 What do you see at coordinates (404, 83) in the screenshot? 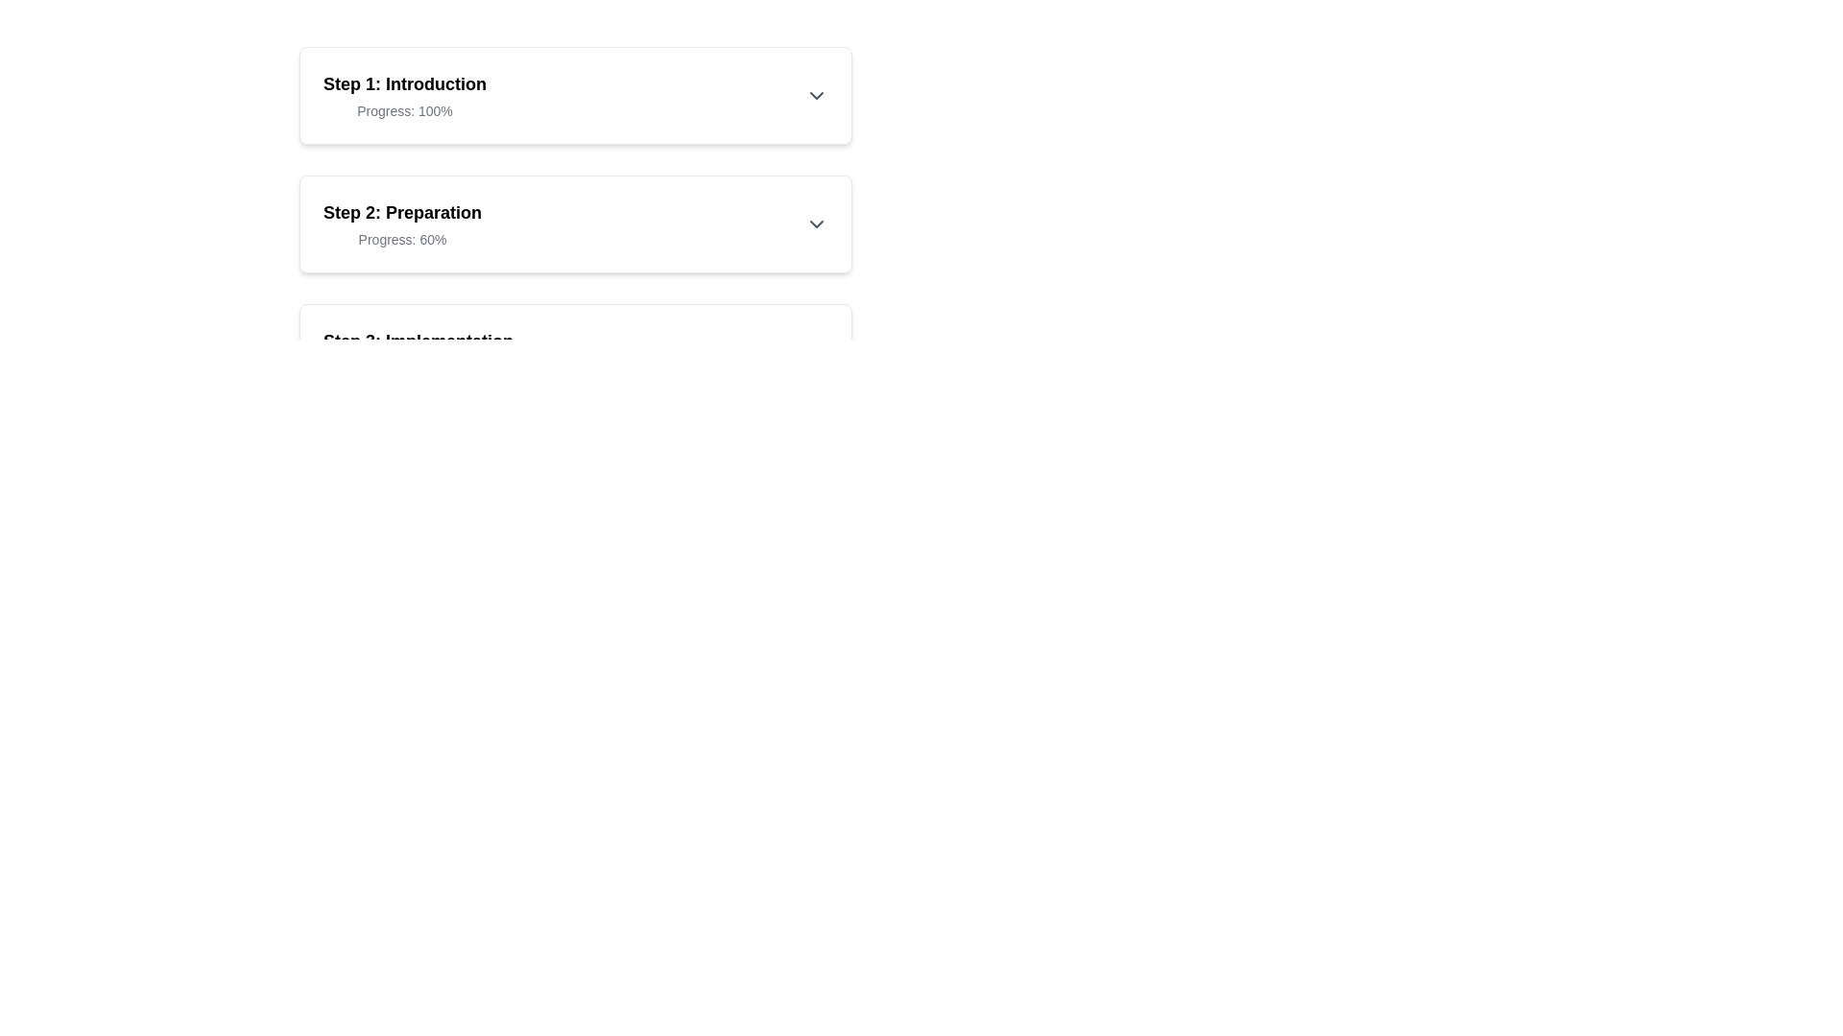
I see `the text label 'Step 1: Introduction' which indicates the first step of a multi-step process, located at the top of the list of steps` at bounding box center [404, 83].